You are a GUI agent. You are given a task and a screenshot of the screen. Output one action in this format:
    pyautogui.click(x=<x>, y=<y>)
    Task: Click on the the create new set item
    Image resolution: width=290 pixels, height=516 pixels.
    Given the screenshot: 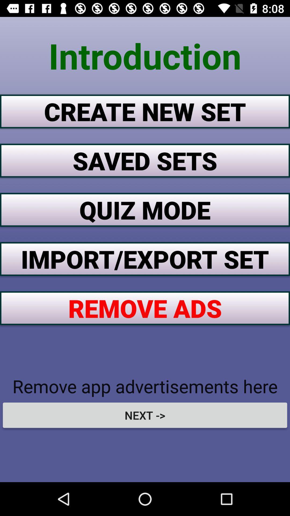 What is the action you would take?
    pyautogui.click(x=145, y=111)
    